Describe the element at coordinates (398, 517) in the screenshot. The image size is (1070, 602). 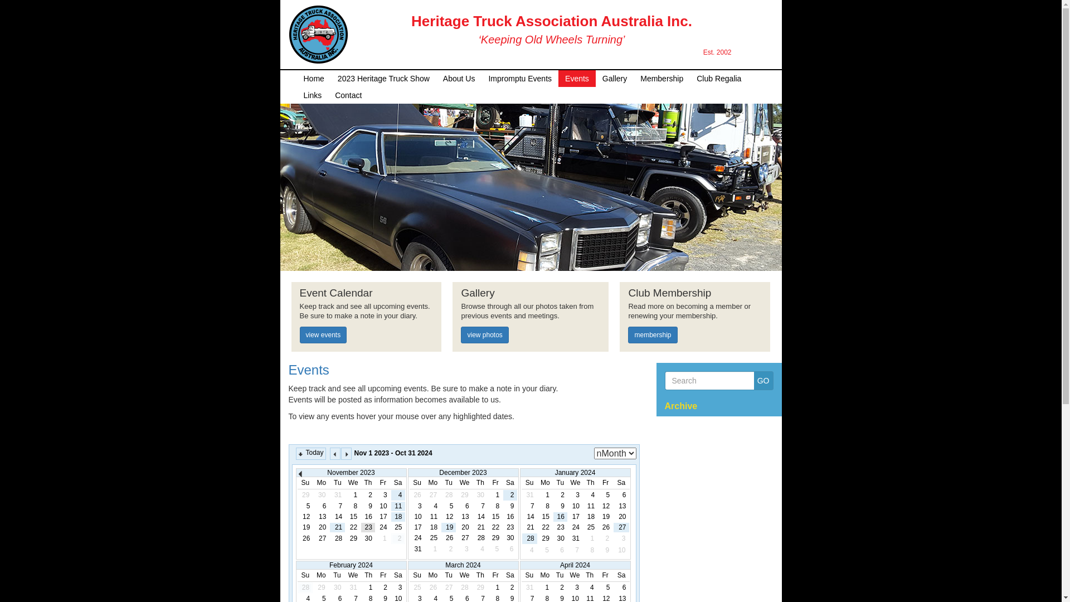
I see `'18'` at that location.